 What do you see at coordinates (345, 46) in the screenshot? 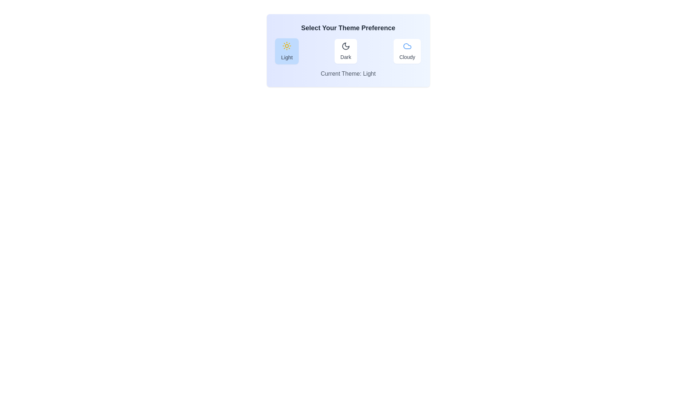
I see `the icon representing the Dark theme` at bounding box center [345, 46].